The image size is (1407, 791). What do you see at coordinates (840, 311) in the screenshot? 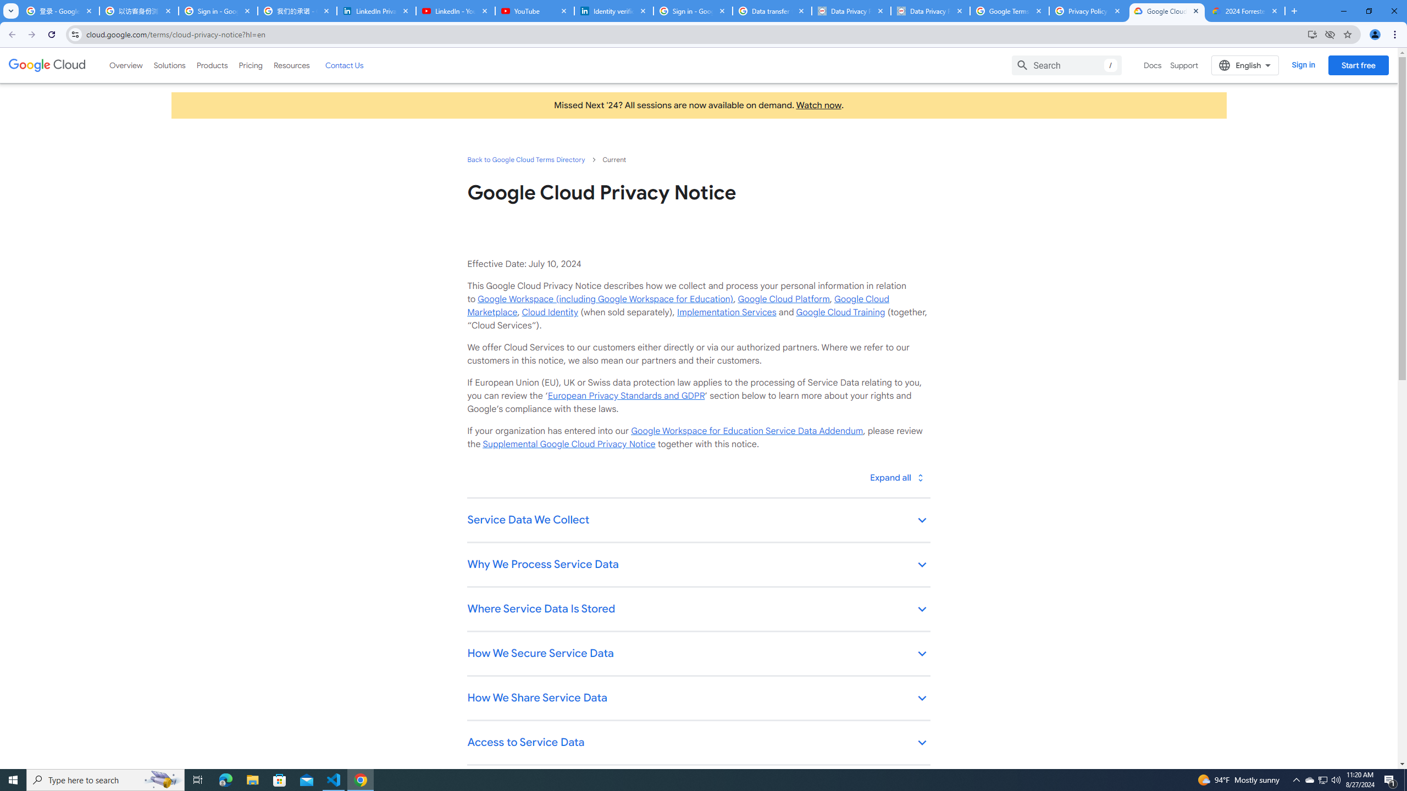
I see `'Google Cloud Training'` at bounding box center [840, 311].